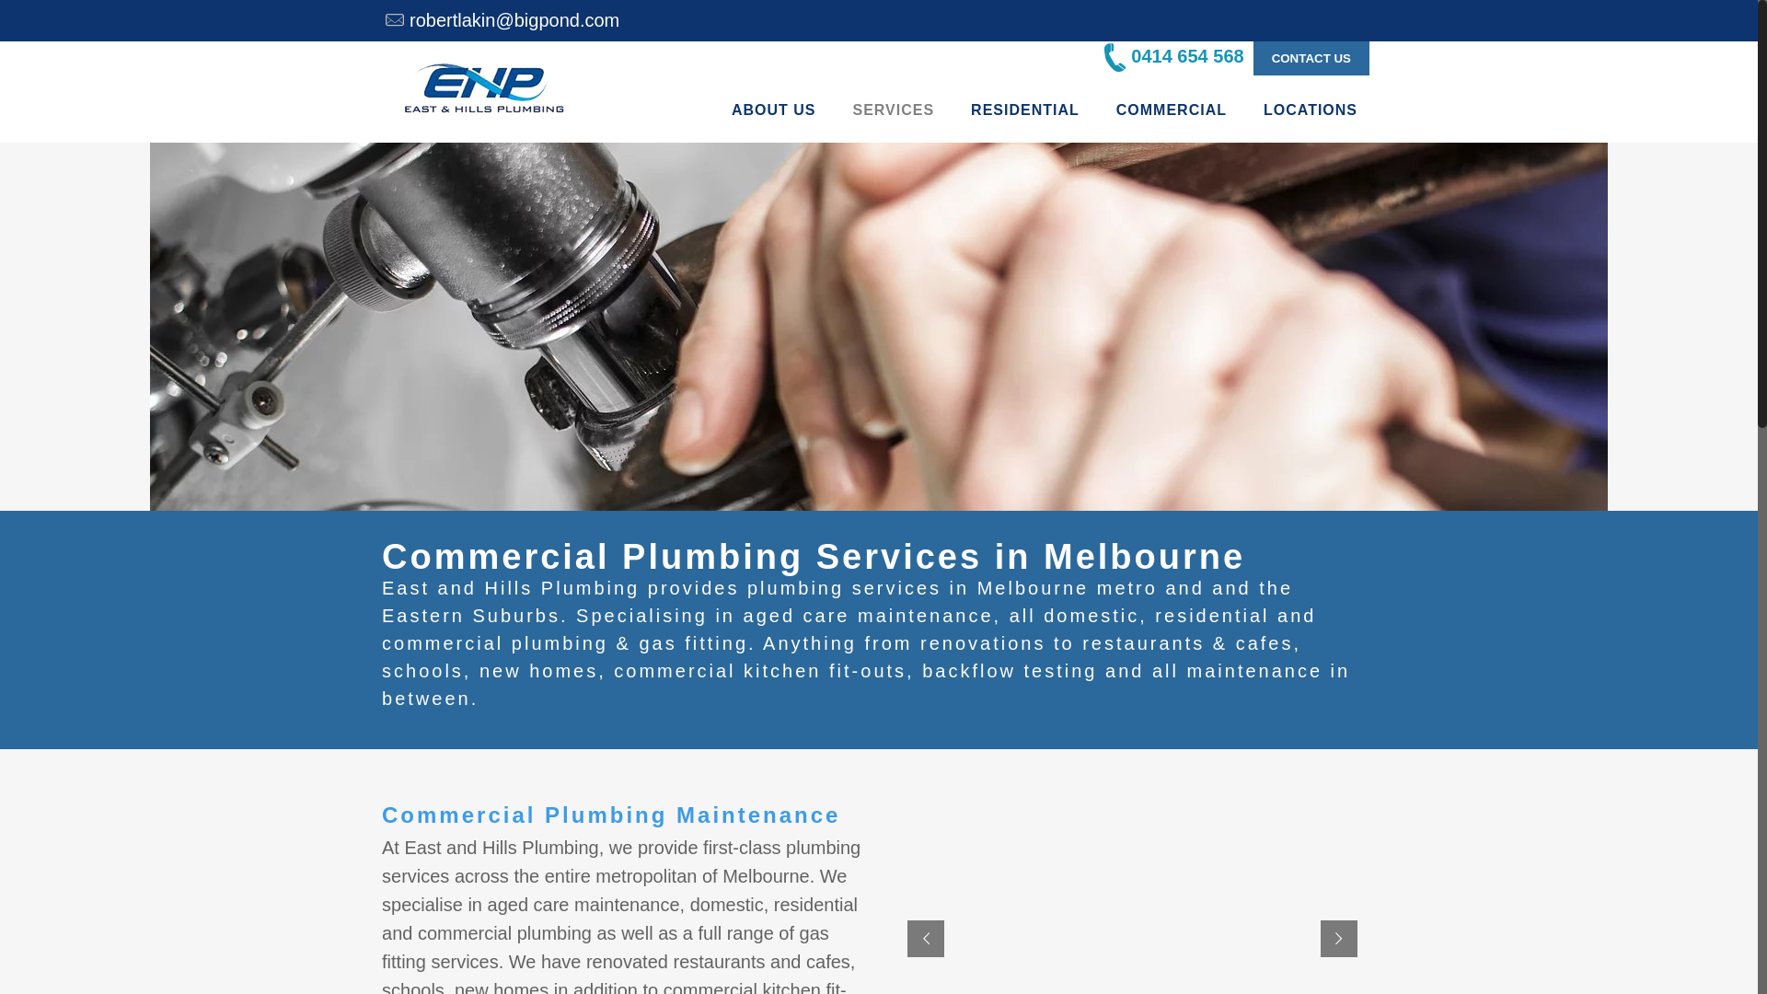 The height and width of the screenshot is (994, 1767). I want to click on 'robertlakin@bigpond.com', so click(409, 20).